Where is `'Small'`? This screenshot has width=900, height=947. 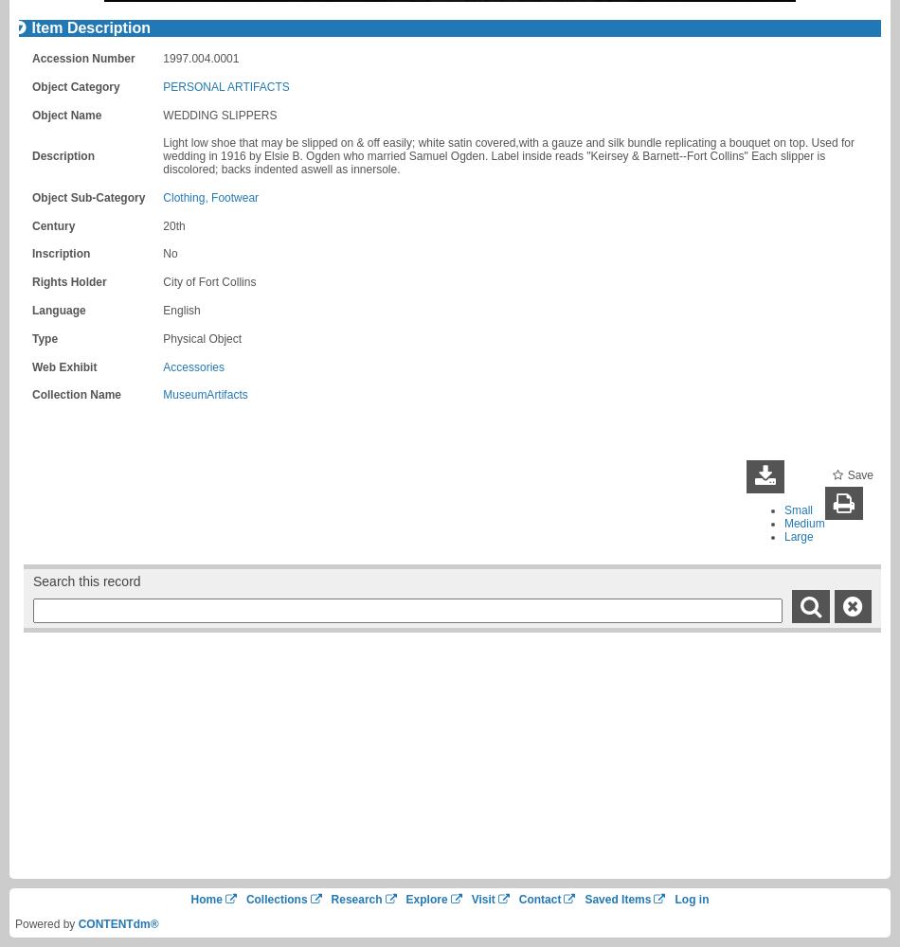 'Small' is located at coordinates (796, 509).